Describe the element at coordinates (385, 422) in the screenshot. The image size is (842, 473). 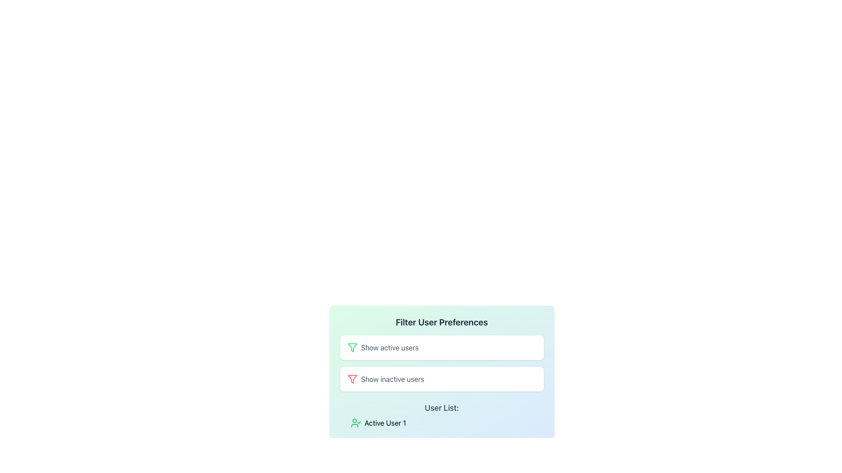
I see `the text label indicating 'Active User 1', which is positioned to the right of a user icon with a green checkmark under the 'User List' heading` at that location.